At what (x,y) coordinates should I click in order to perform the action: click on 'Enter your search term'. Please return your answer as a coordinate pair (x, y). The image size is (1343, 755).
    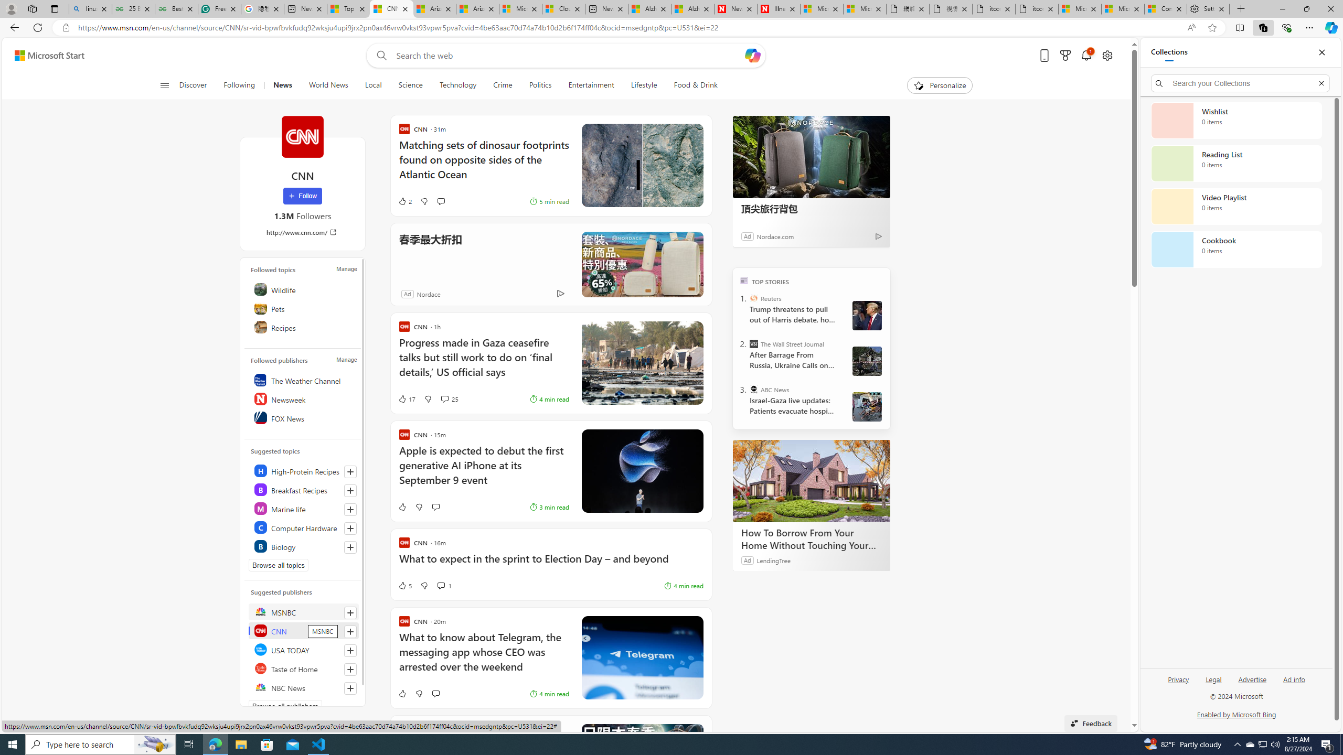
    Looking at the image, I should click on (569, 55).